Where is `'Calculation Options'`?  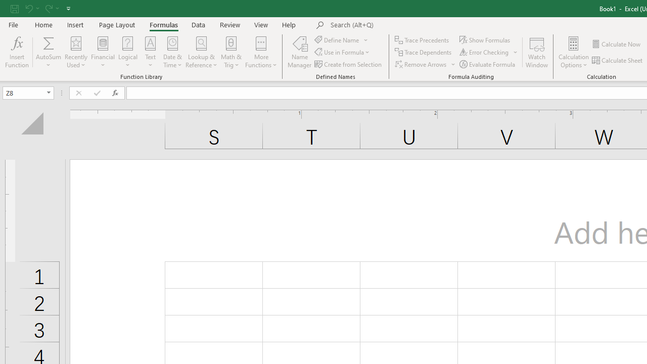
'Calculation Options' is located at coordinates (574, 52).